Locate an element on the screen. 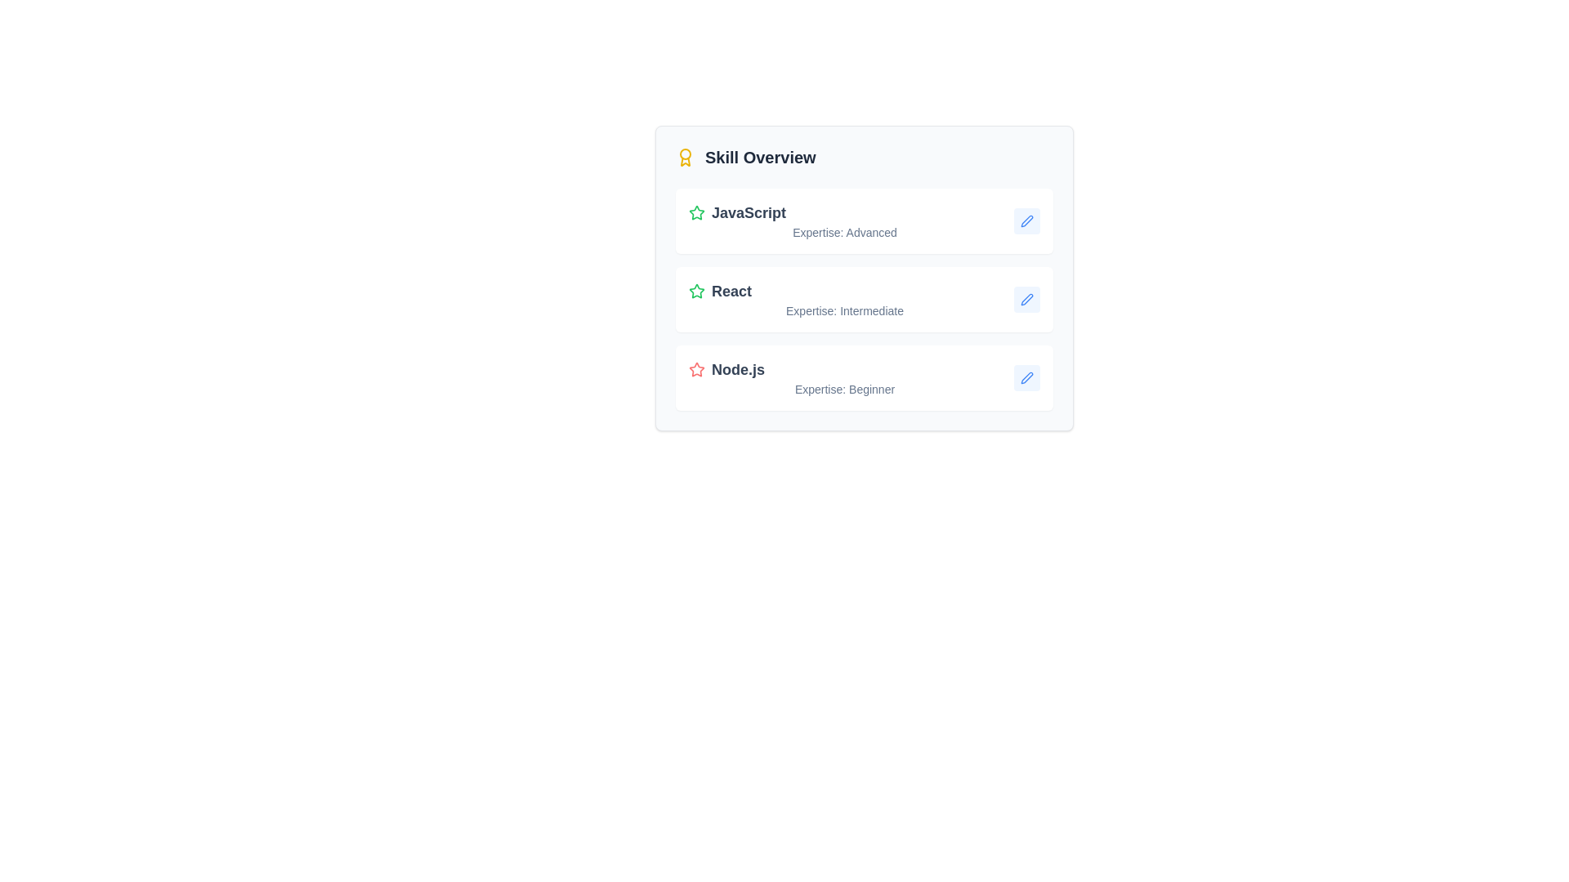  the pen-shaped icon within the skill management panel next to the JavaScript skill row is located at coordinates (1026, 220).